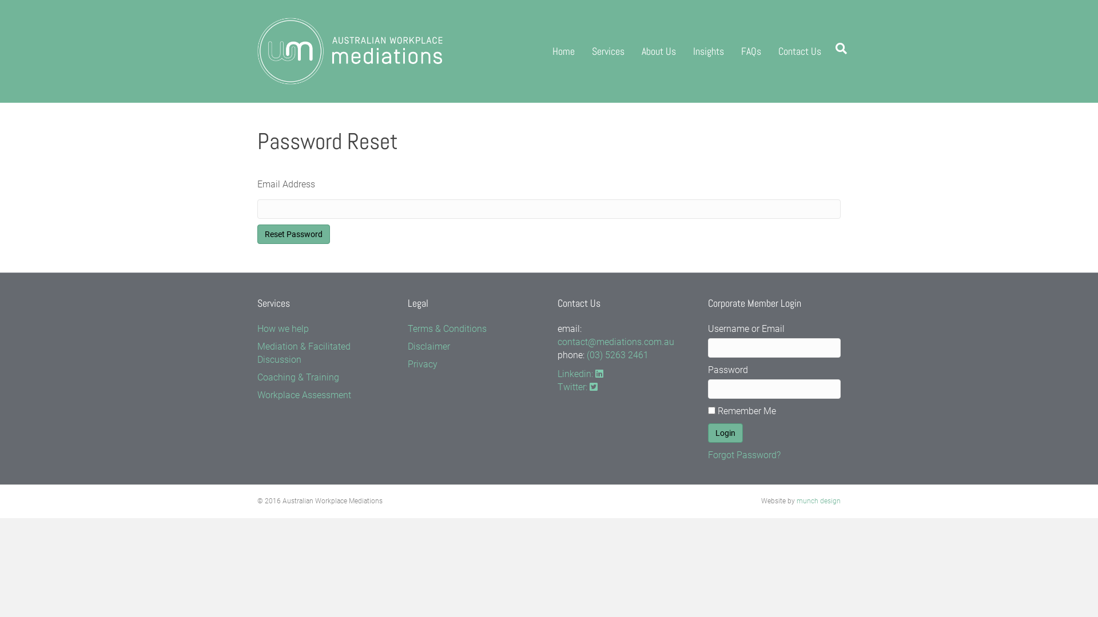  Describe the element at coordinates (563, 50) in the screenshot. I see `'Home'` at that location.